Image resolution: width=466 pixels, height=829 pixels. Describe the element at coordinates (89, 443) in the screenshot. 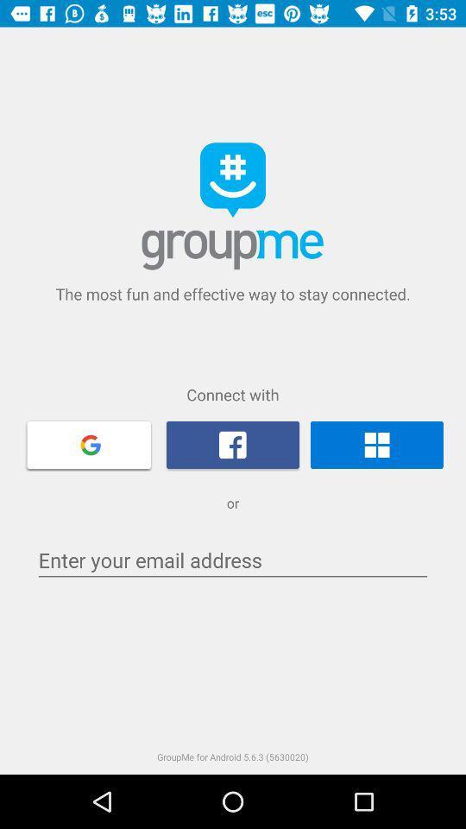

I see `the item above or` at that location.